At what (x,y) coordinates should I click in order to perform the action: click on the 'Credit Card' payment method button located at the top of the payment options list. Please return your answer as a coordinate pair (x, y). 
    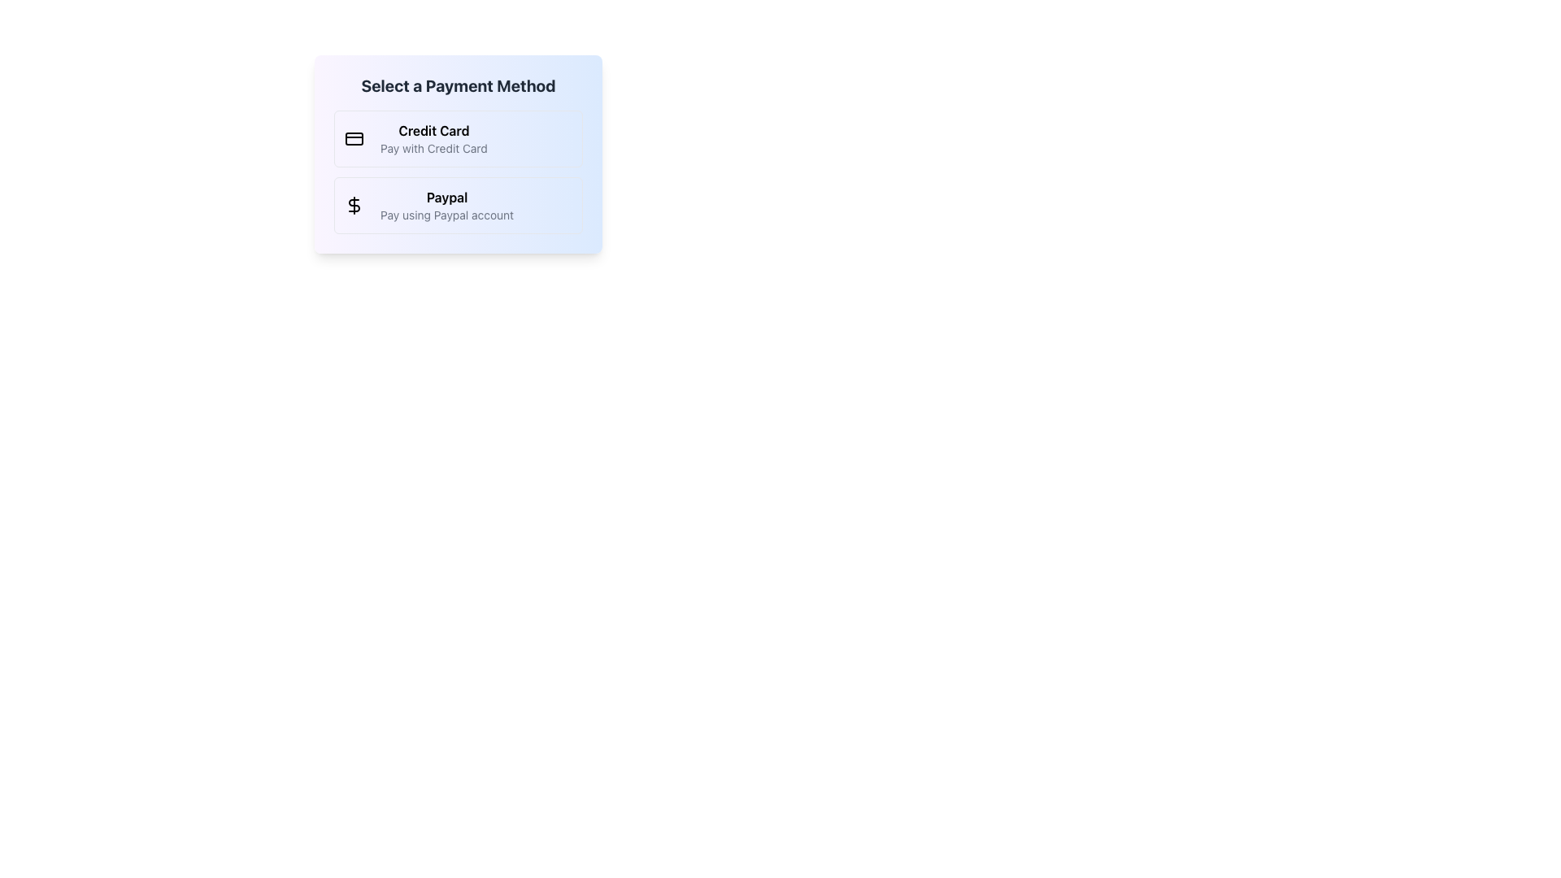
    Looking at the image, I should click on (458, 137).